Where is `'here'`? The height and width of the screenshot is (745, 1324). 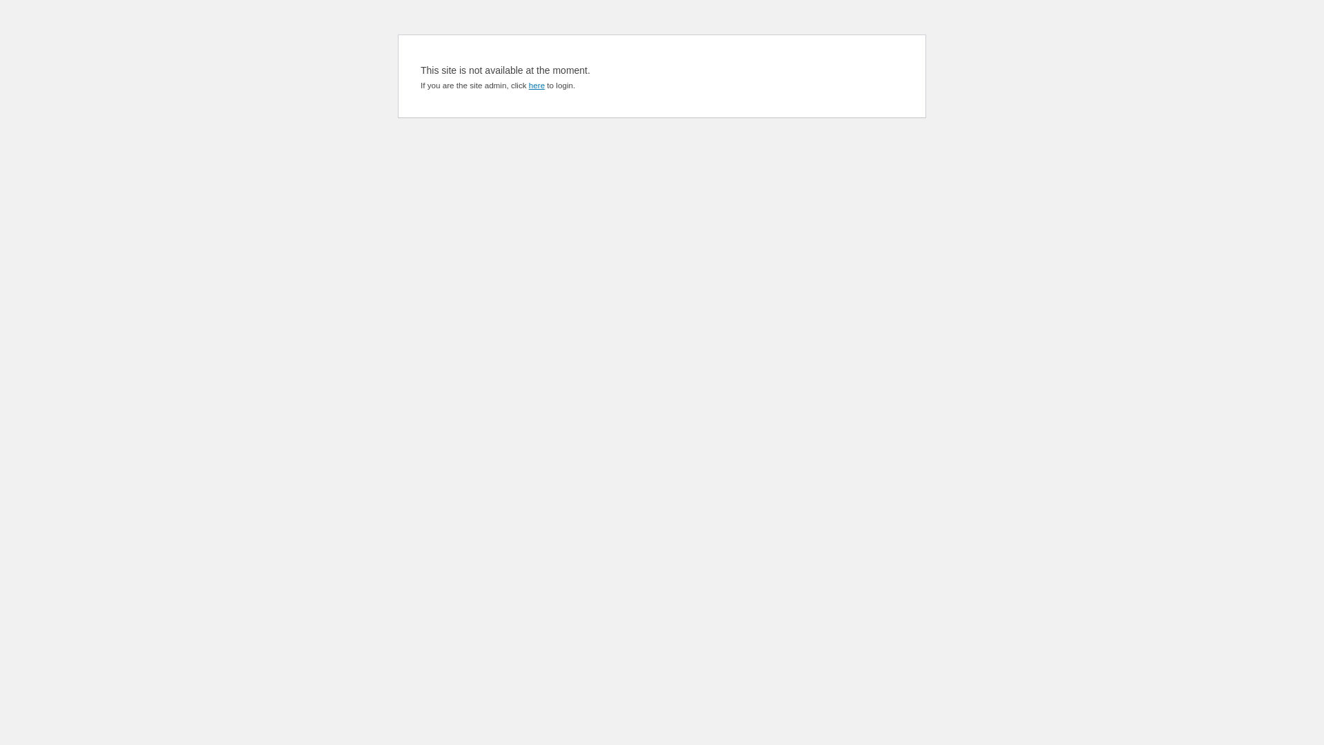 'here' is located at coordinates (536, 85).